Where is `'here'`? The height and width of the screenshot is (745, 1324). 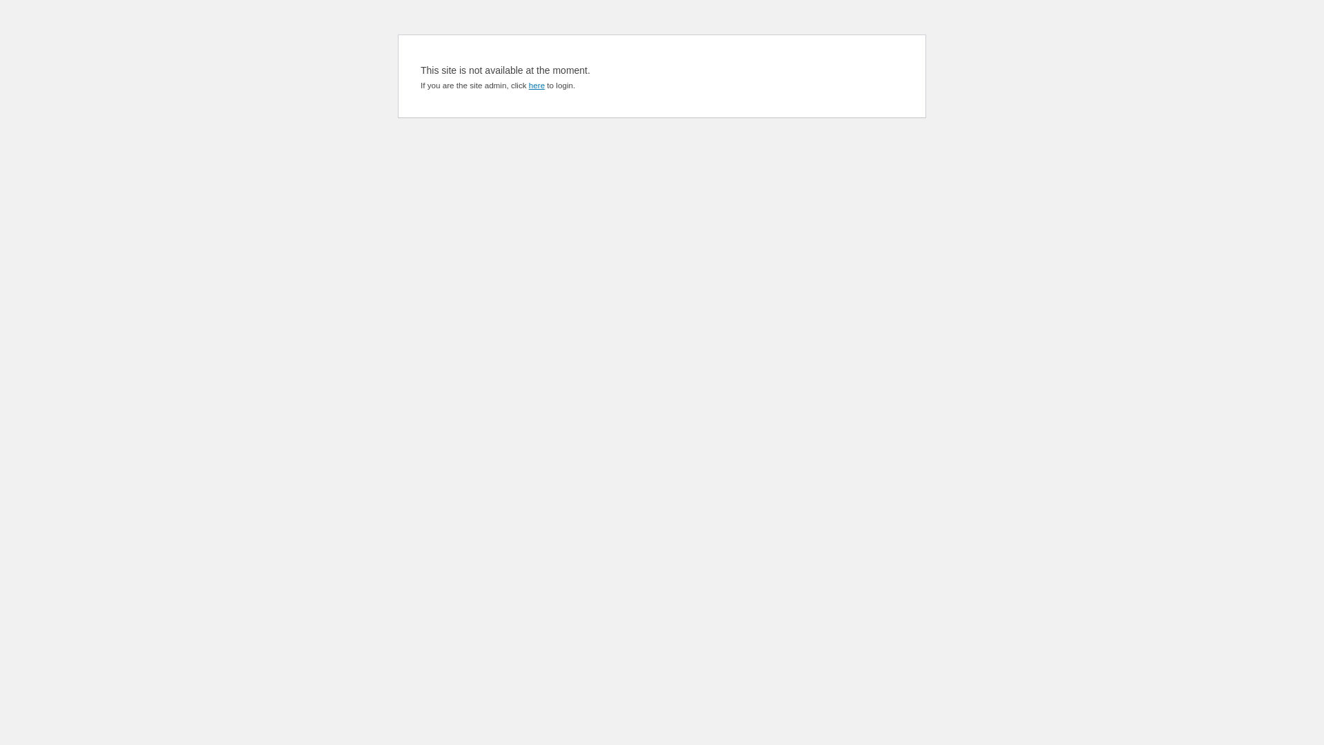 'here' is located at coordinates (536, 85).